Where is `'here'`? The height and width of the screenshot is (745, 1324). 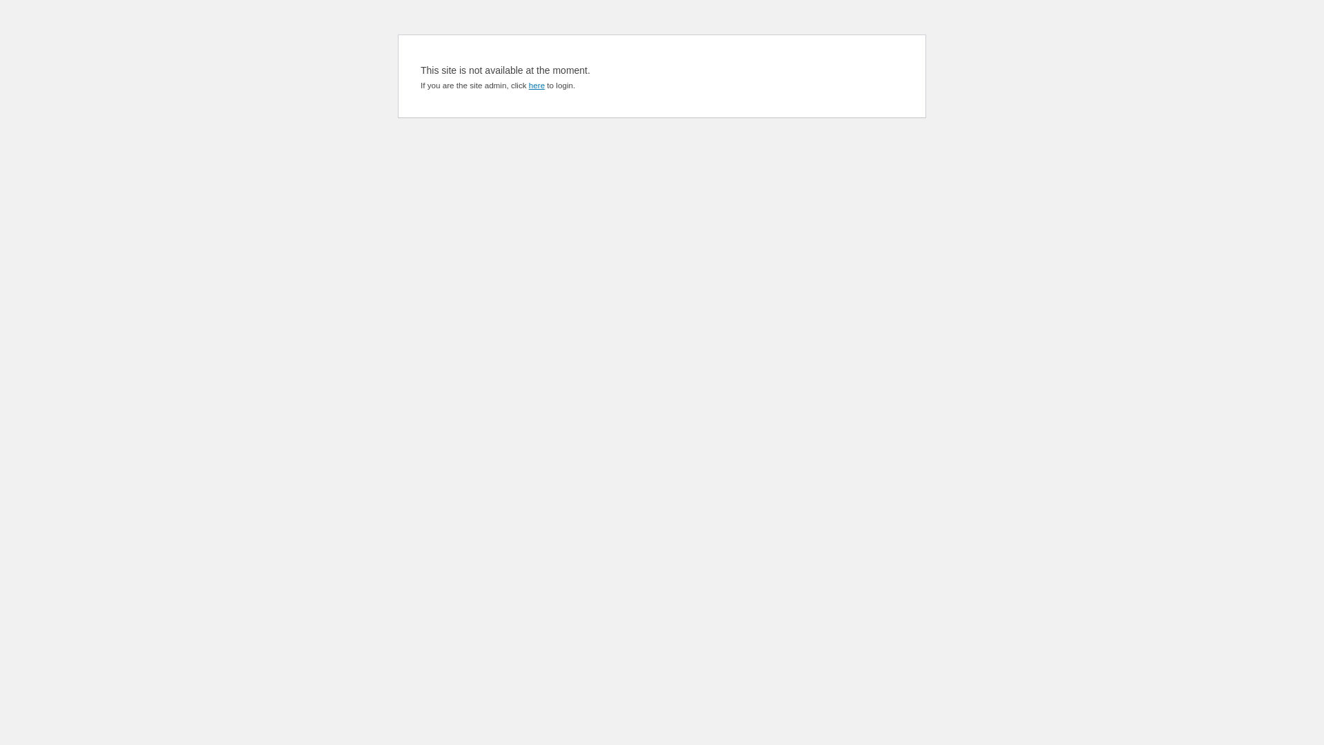 'here' is located at coordinates (536, 85).